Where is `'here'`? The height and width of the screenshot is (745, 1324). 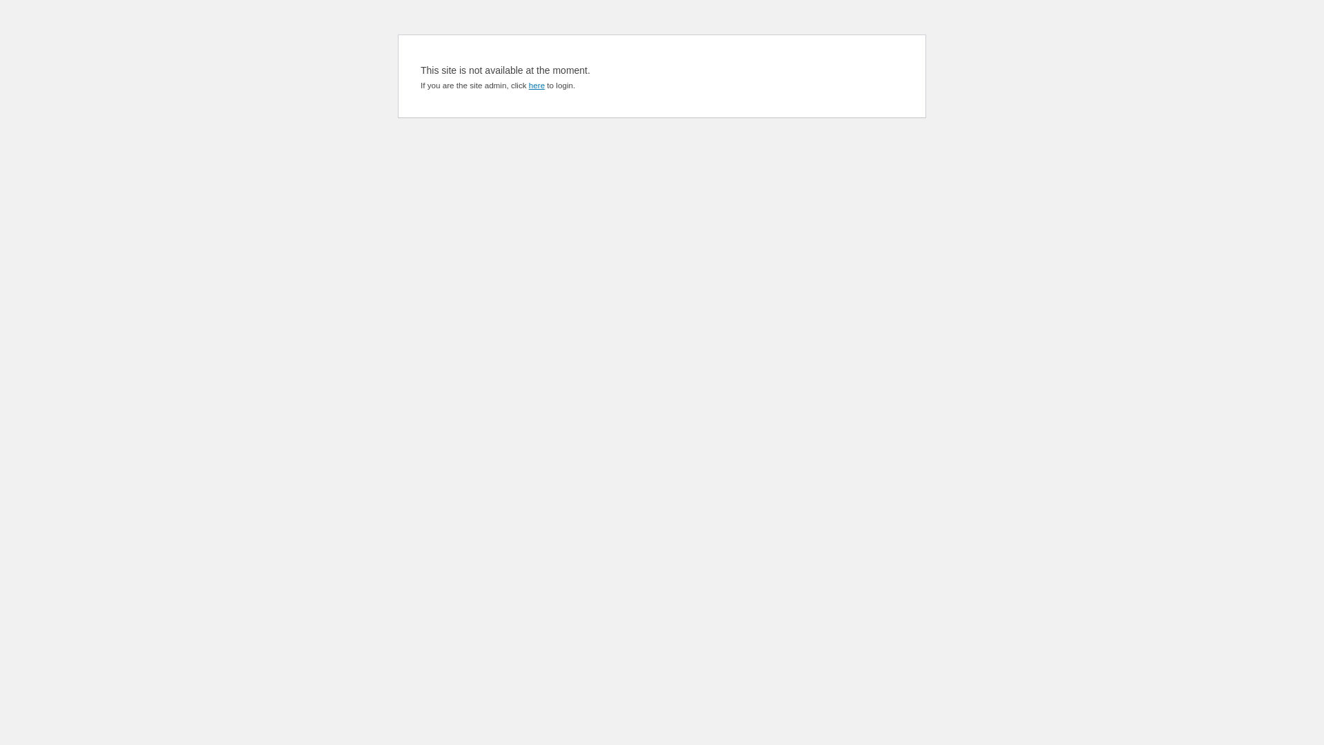 'here' is located at coordinates (536, 85).